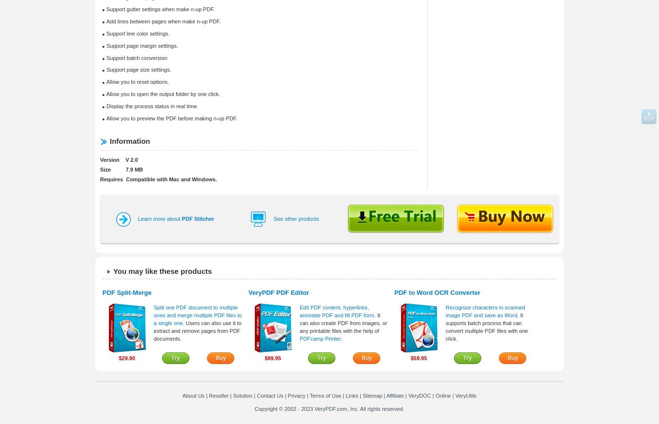 This screenshot has height=424, width=659. Describe the element at coordinates (121, 170) in the screenshot. I see `'Size           7.9 MB'` at that location.